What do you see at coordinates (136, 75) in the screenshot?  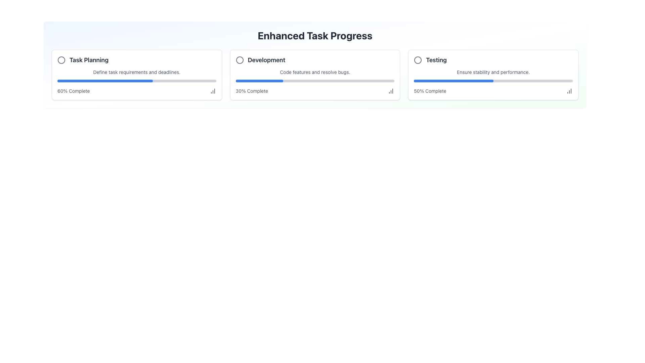 I see `the chart icon on the 'Task Planning' card located in the top-left corner of the grid layout` at bounding box center [136, 75].